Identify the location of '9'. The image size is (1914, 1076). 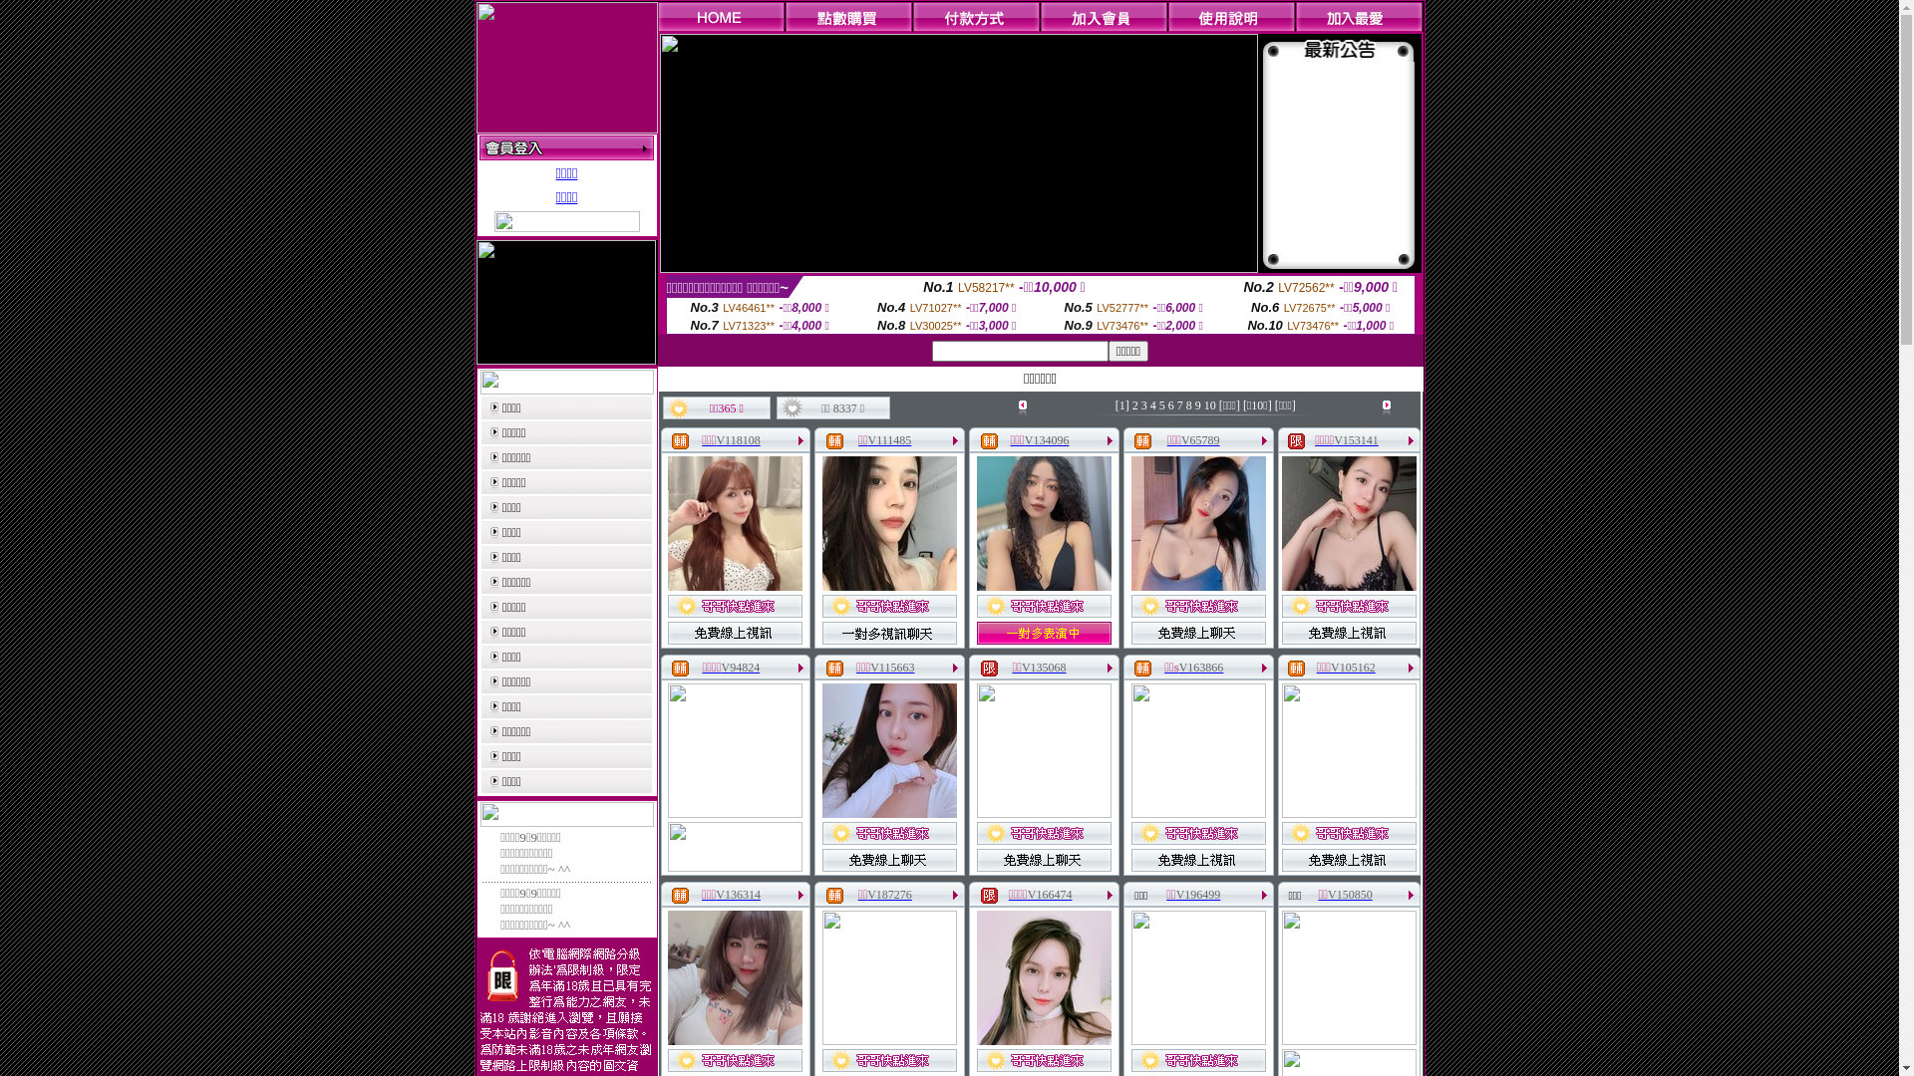
(1196, 404).